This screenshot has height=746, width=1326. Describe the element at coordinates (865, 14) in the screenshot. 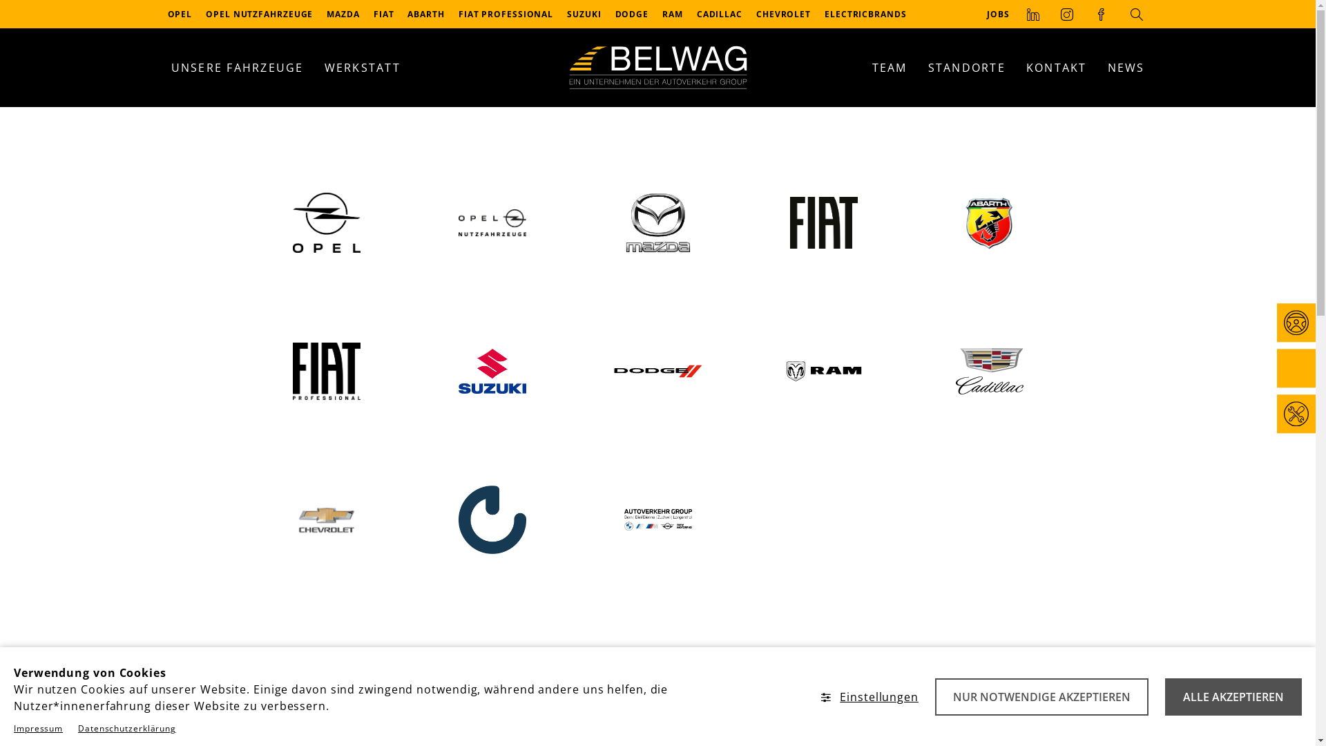

I see `'ELECTRICBRANDS'` at that location.